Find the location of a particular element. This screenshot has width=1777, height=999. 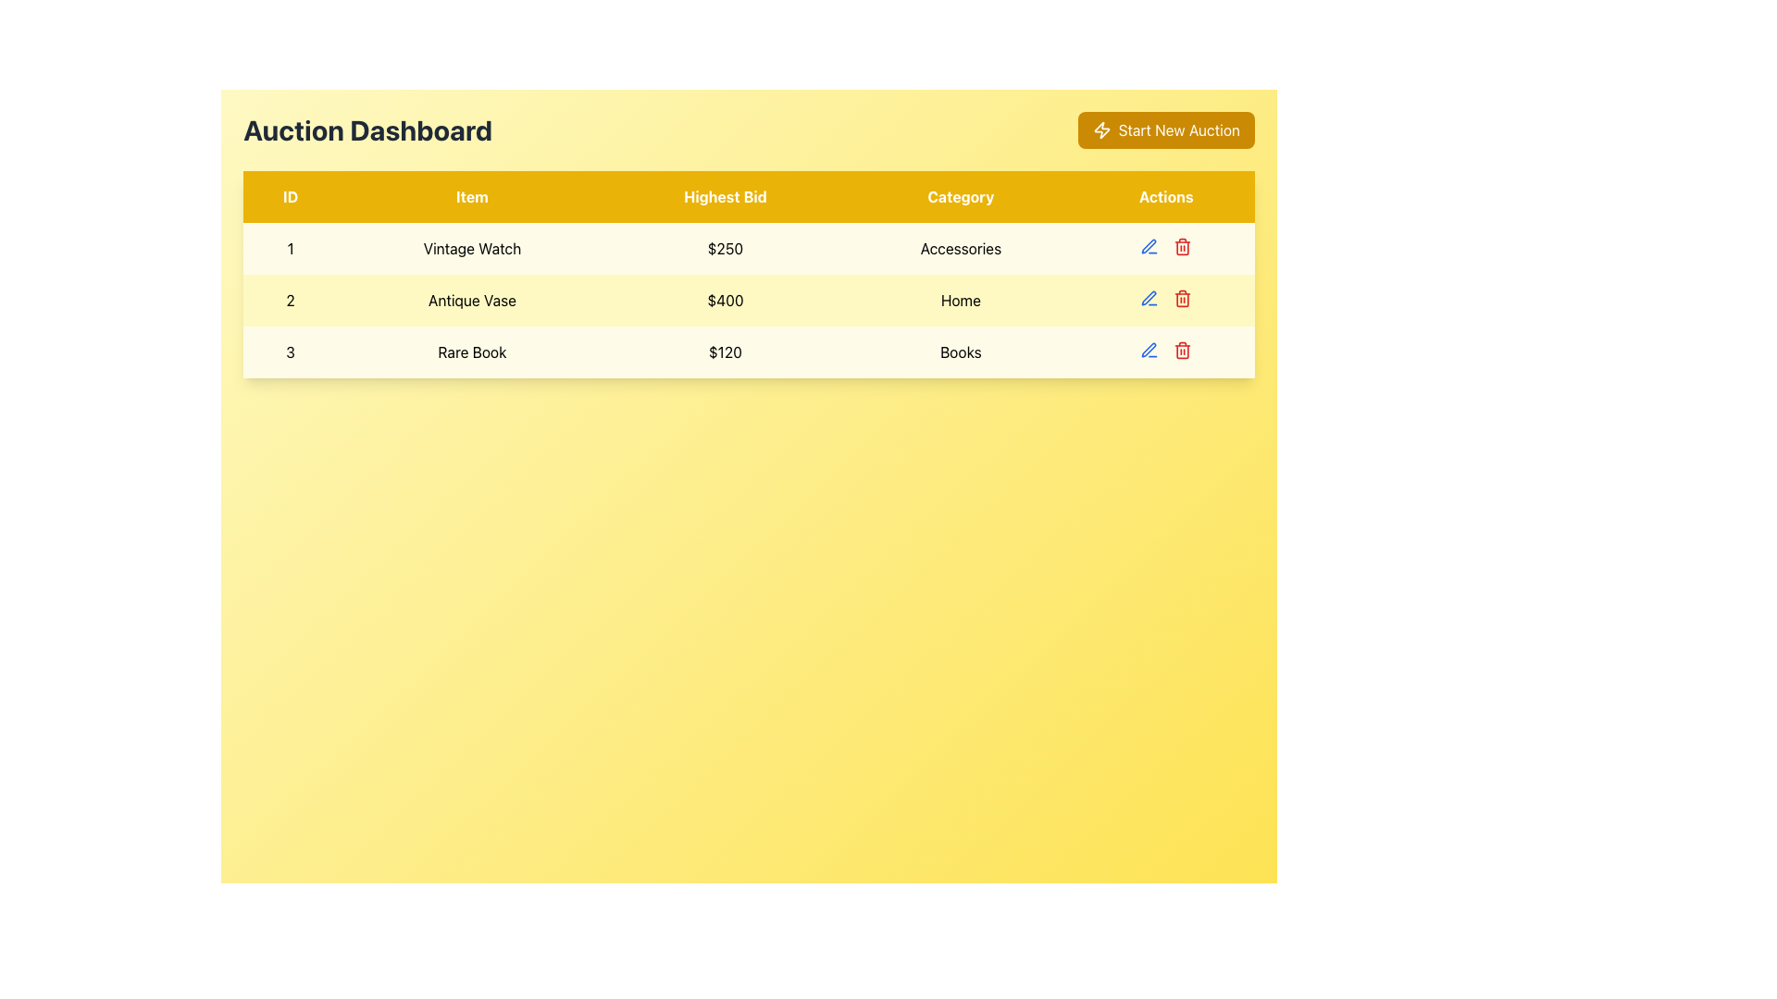

the text label in the fourth column of the first row that indicates the category 'Vintage Watch' for the auction item is located at coordinates (961, 248).